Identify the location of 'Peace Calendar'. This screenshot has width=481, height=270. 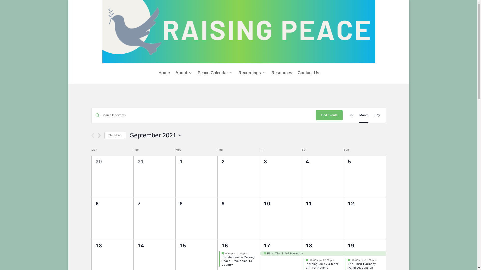
(215, 73).